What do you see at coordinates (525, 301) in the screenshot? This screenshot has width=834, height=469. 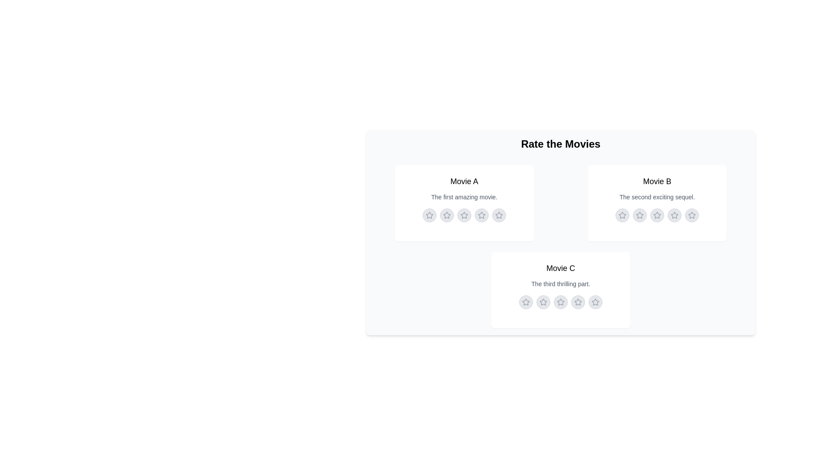 I see `the first rating star under the subtitle 'Movie C'` at bounding box center [525, 301].